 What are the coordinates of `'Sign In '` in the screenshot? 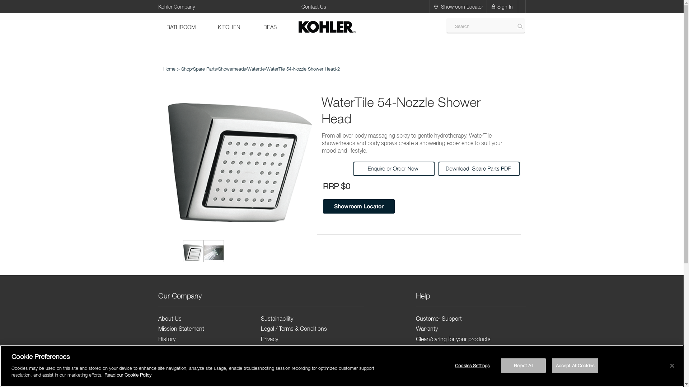 It's located at (505, 6).